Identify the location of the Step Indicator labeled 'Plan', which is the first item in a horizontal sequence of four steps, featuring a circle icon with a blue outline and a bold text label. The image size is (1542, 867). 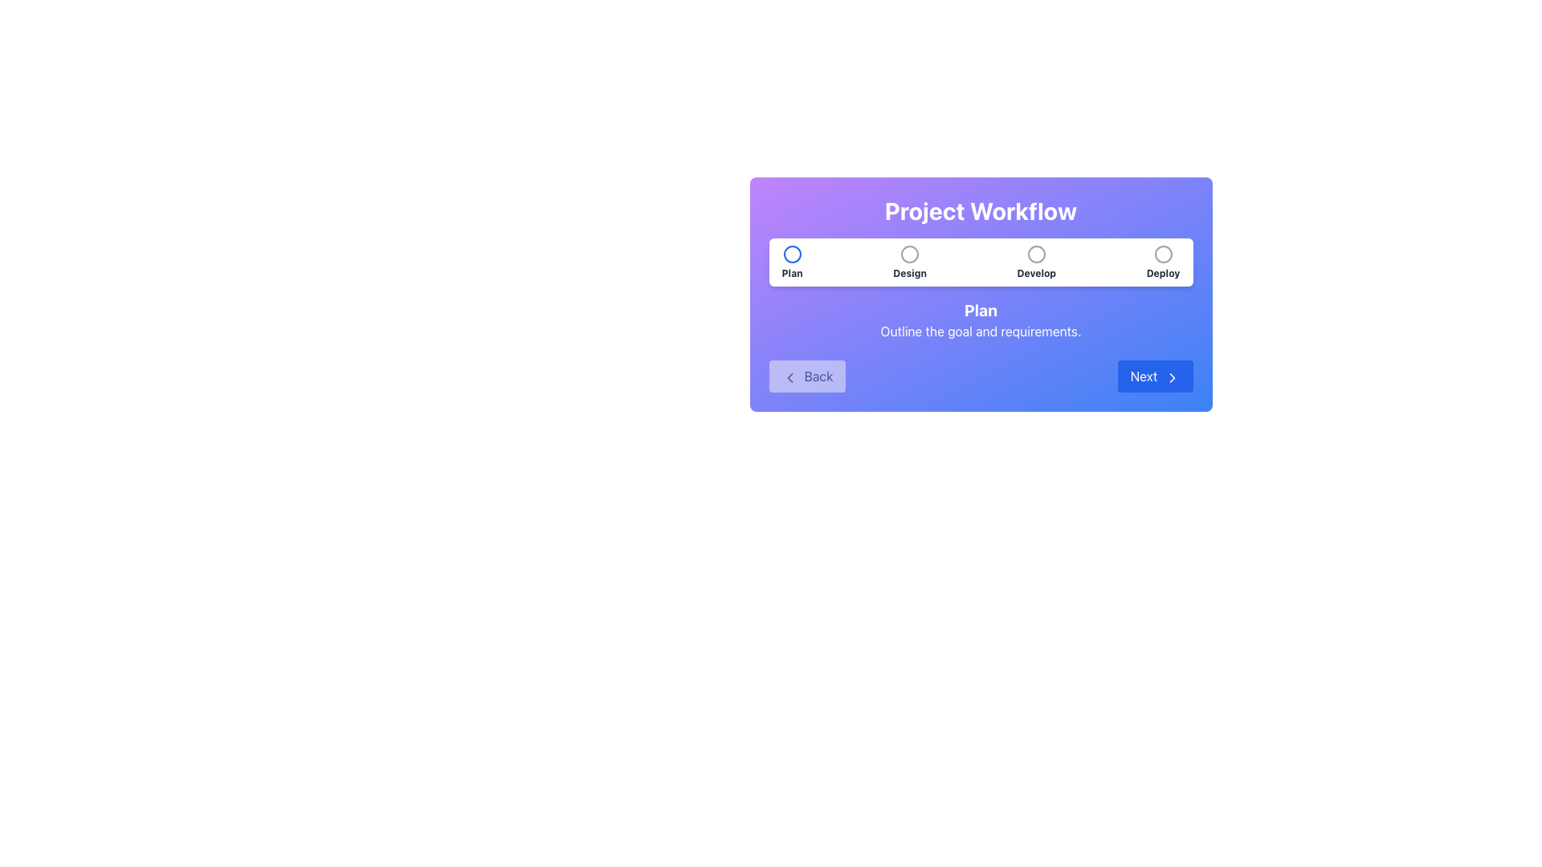
(792, 262).